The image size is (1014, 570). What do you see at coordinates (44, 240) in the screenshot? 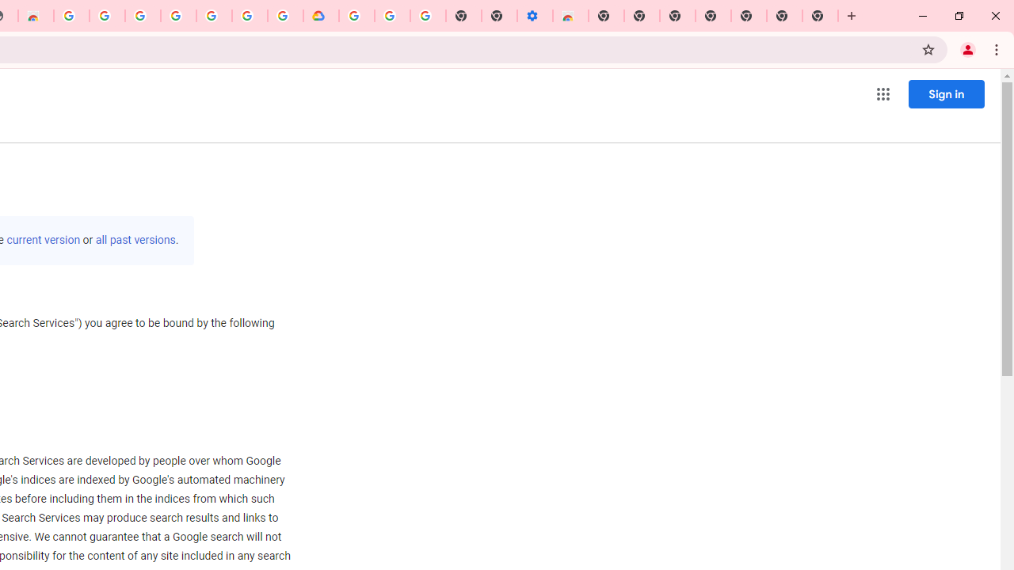
I see `'current version'` at bounding box center [44, 240].